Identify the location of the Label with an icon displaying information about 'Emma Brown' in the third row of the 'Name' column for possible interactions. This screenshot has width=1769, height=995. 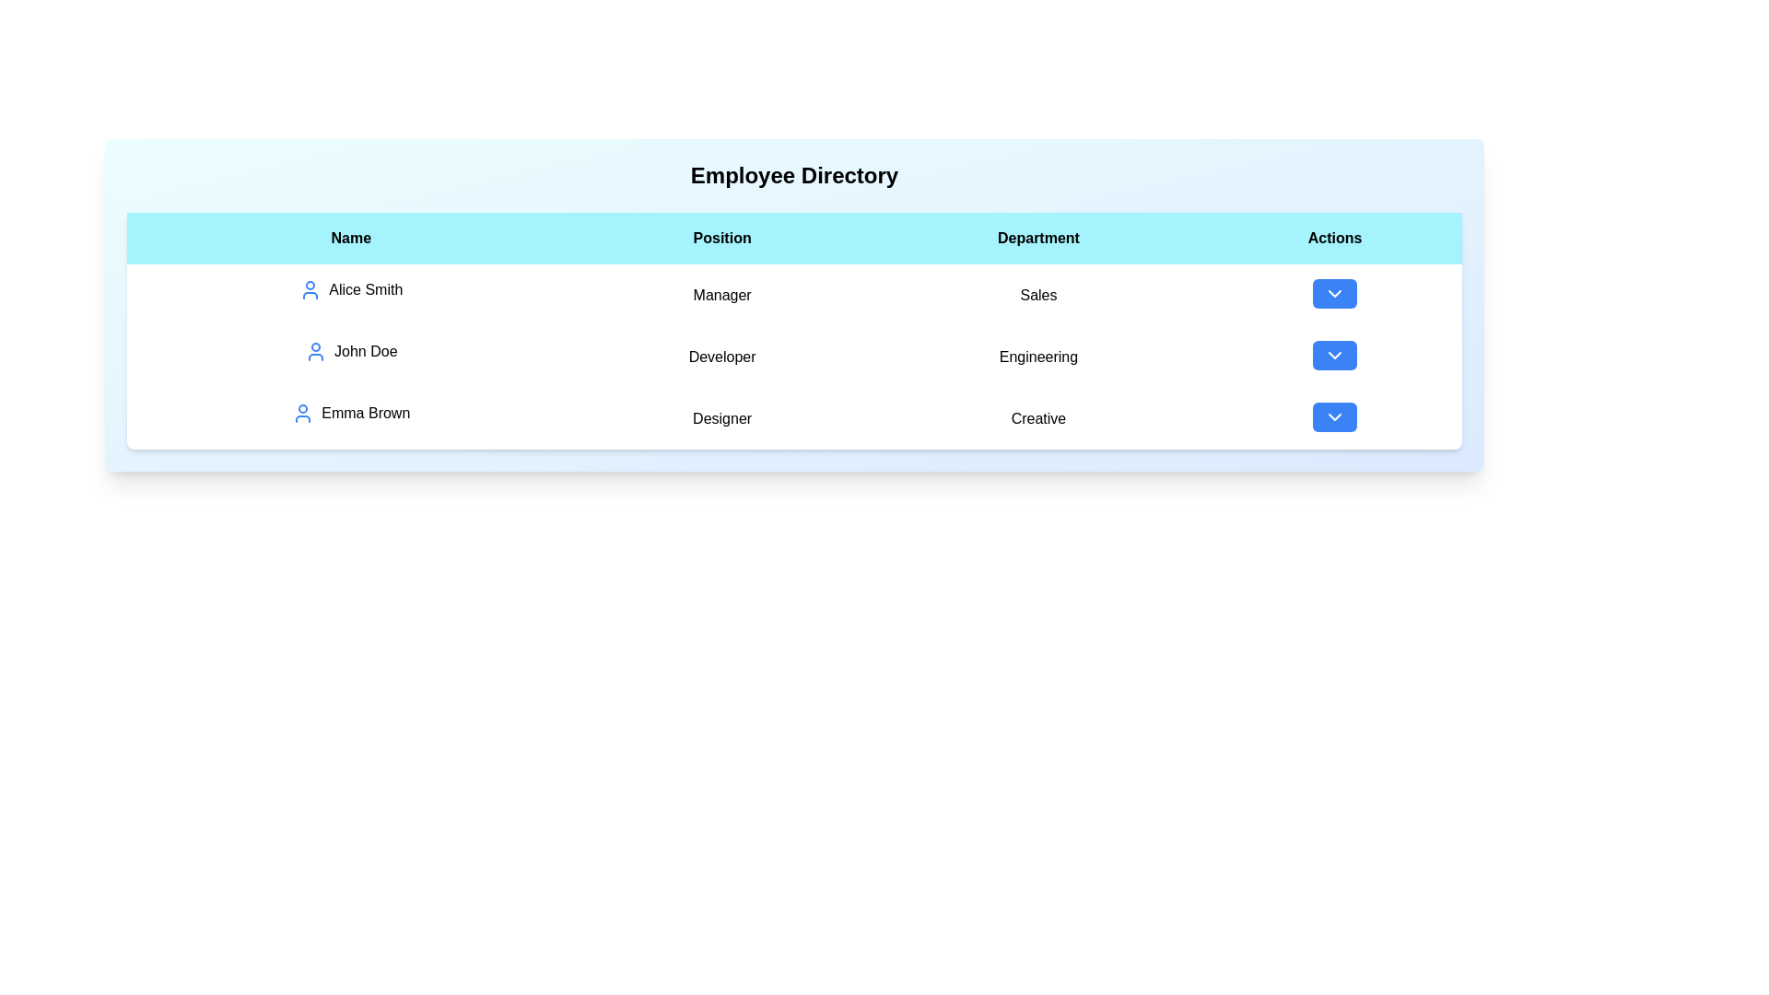
(351, 412).